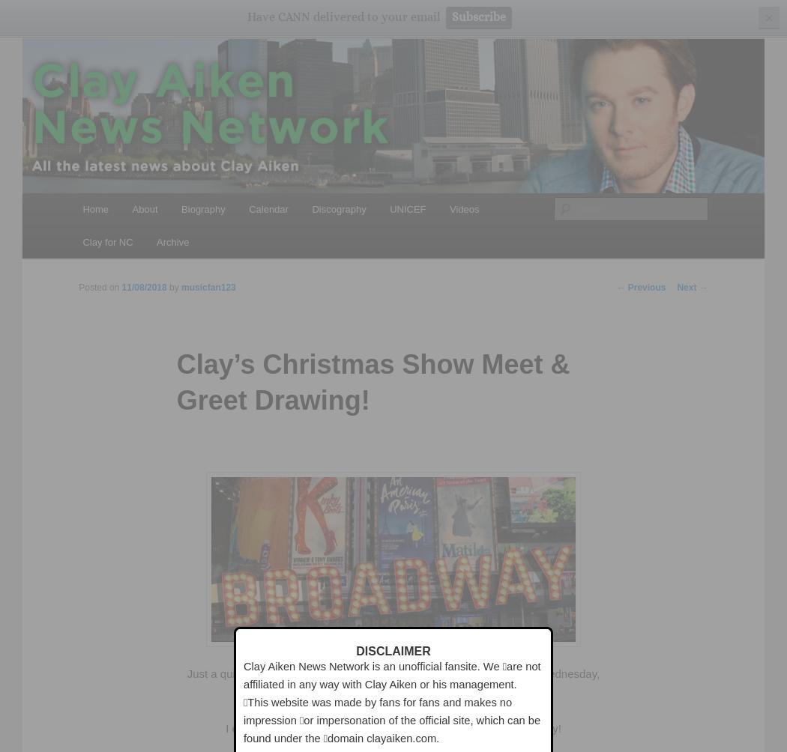 The height and width of the screenshot is (752, 787). I want to click on 'Clay’s Christmas Show Meet & Greet Drawing!', so click(372, 382).